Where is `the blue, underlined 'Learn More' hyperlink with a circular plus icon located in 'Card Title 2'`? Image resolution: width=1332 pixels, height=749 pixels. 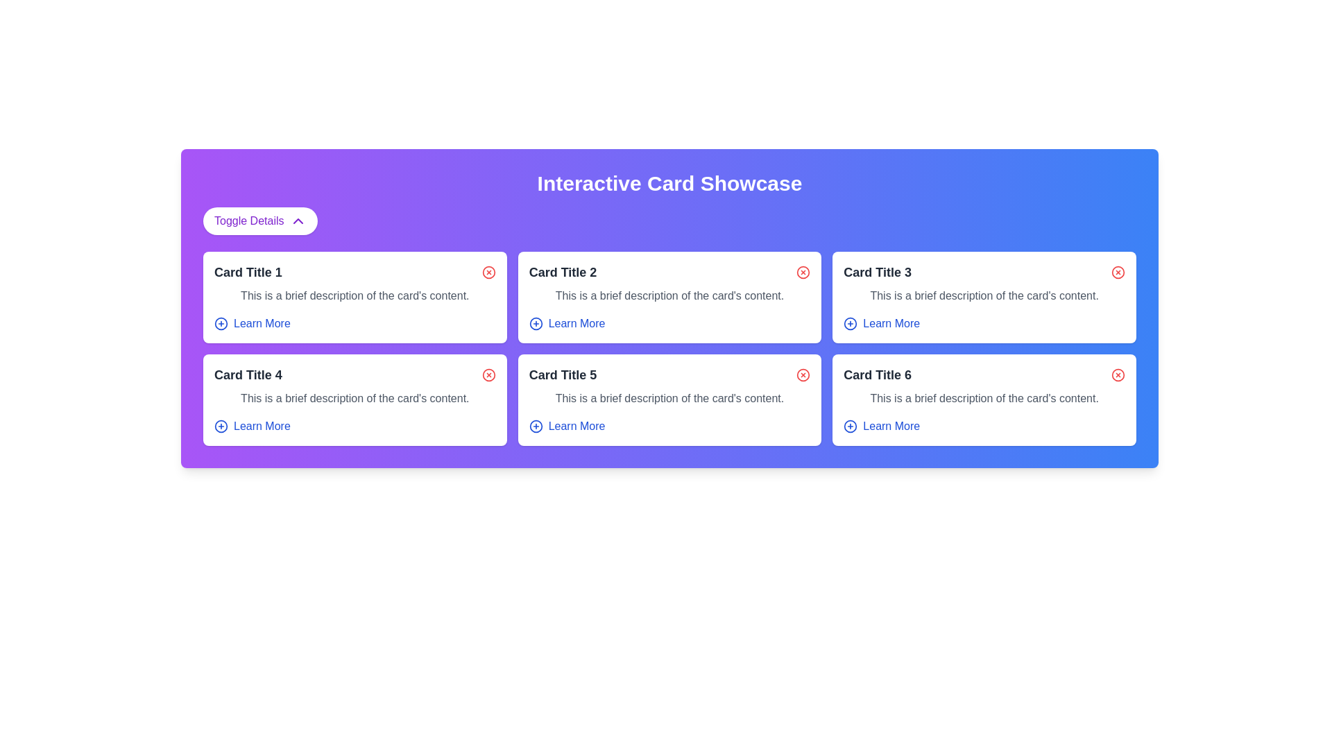 the blue, underlined 'Learn More' hyperlink with a circular plus icon located in 'Card Title 2' is located at coordinates (567, 323).